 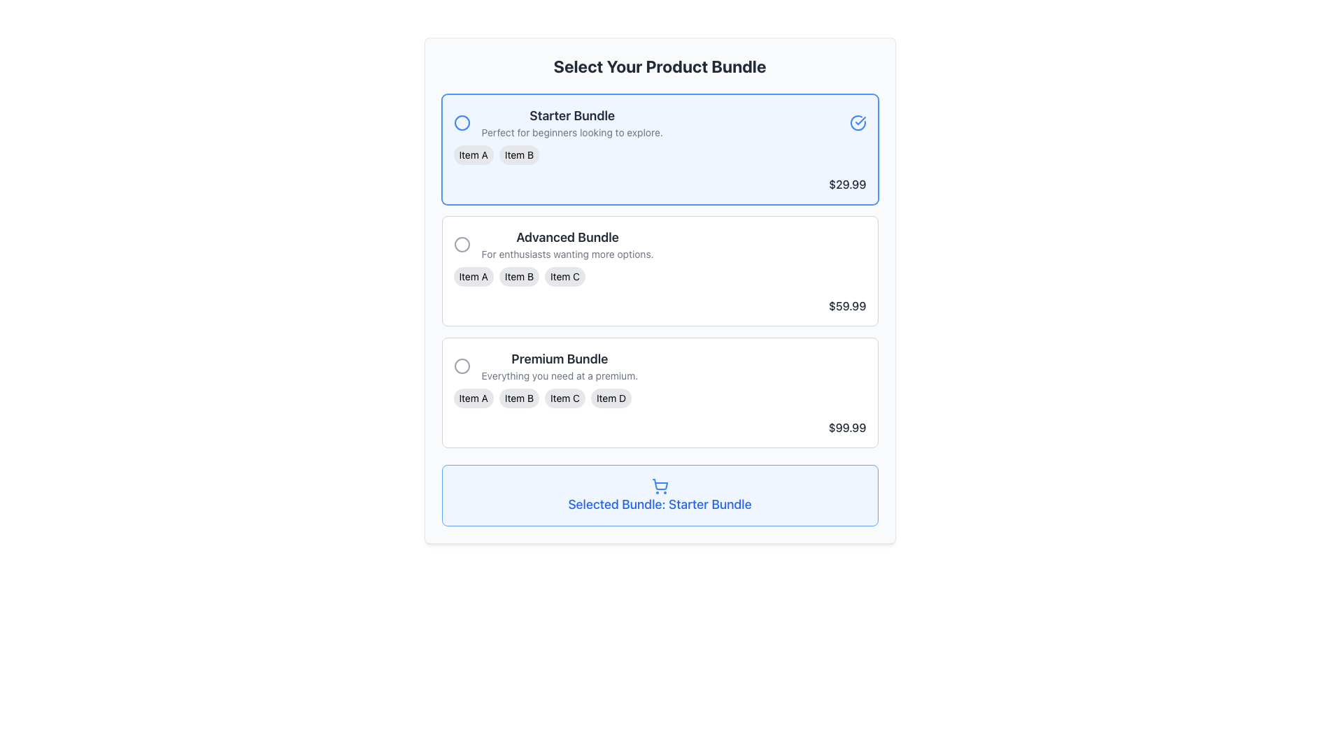 I want to click on the shopping cart icon component located at the bottom of the interface within the blue box labeled 'Selected Bundle: Starter Bundle', so click(x=659, y=483).